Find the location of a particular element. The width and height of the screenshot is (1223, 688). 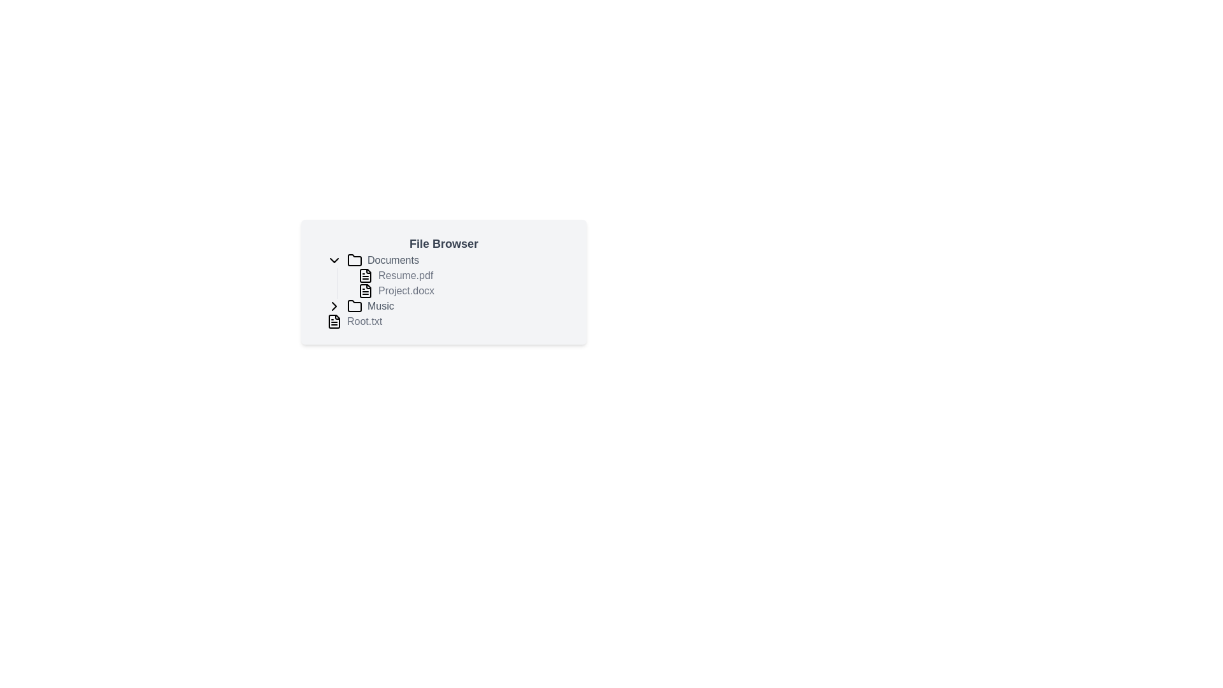

the file icon representing 'Project.docx' in the file browser to identify the document type is located at coordinates (365, 290).